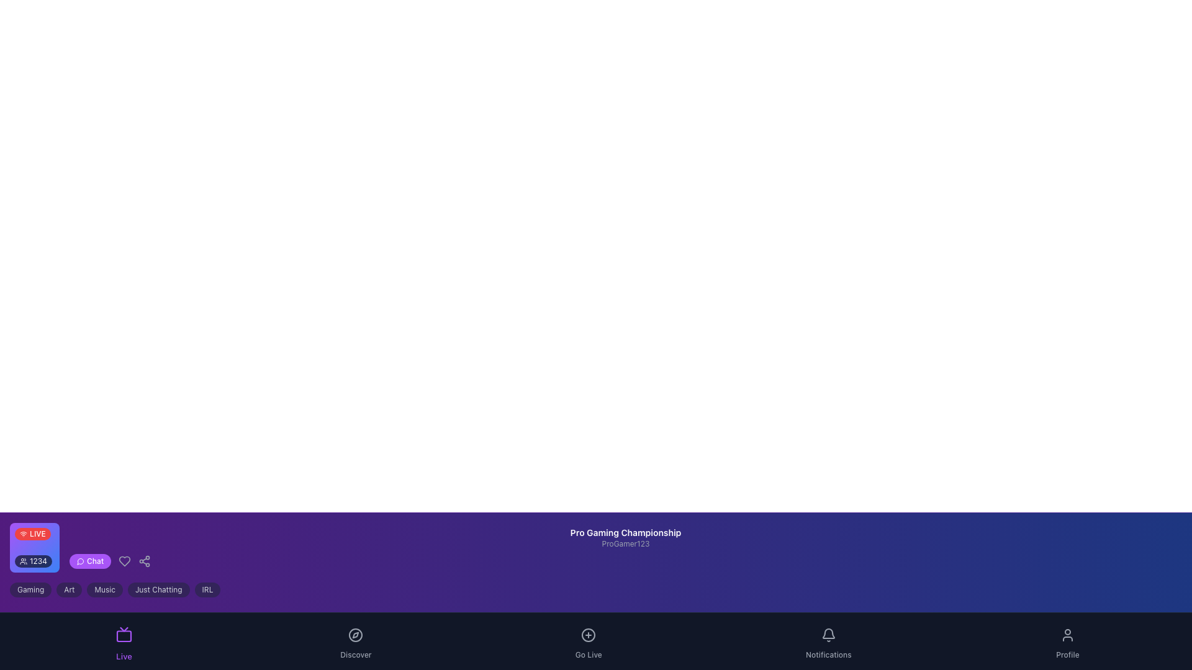 The image size is (1192, 670). I want to click on the button located at the center of the bottom navigation bar, surrounded by 'Discover' on the left and 'Notifications' on the right, so click(588, 641).